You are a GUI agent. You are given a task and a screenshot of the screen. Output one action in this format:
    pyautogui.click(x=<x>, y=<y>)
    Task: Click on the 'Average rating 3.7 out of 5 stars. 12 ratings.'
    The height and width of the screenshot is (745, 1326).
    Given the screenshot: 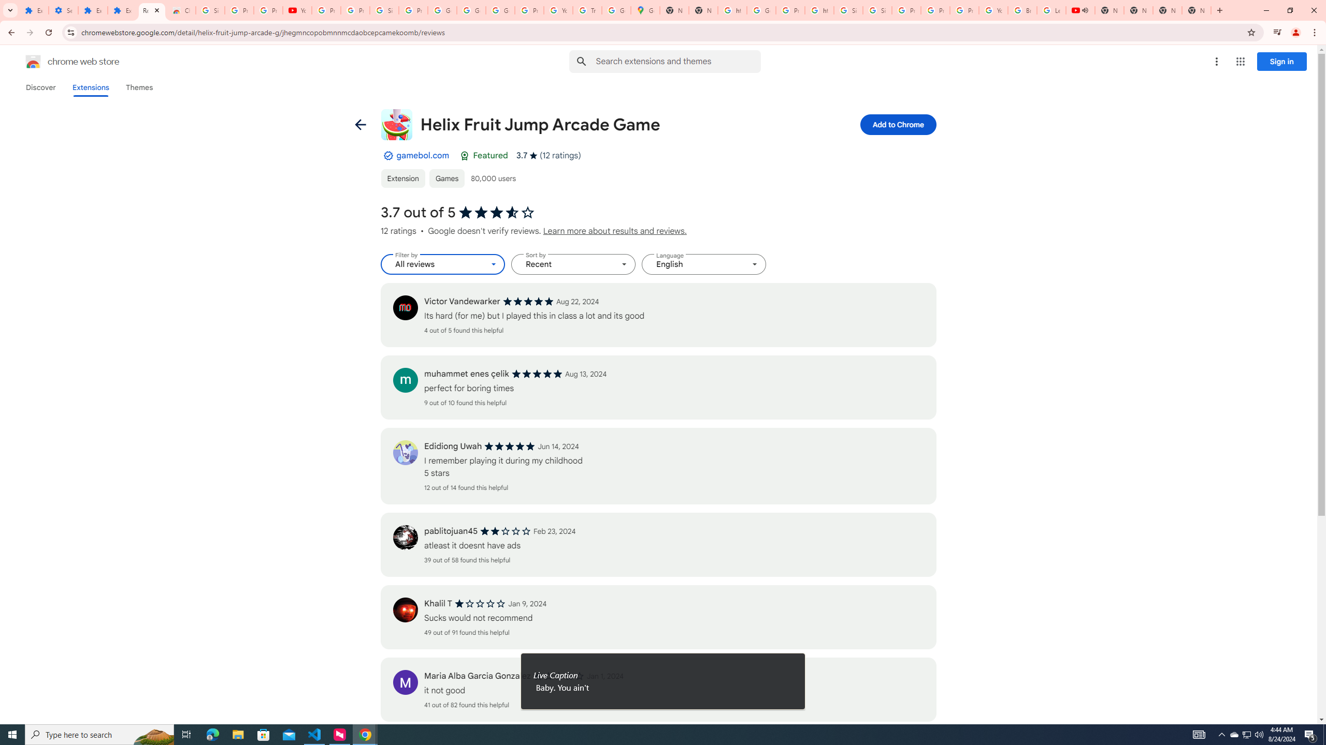 What is the action you would take?
    pyautogui.click(x=547, y=155)
    